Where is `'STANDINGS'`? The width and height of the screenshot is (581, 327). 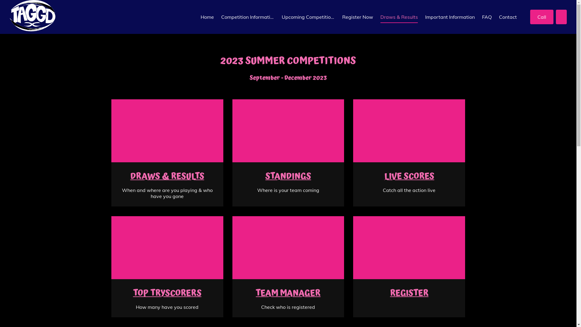
'STANDINGS' is located at coordinates (288, 176).